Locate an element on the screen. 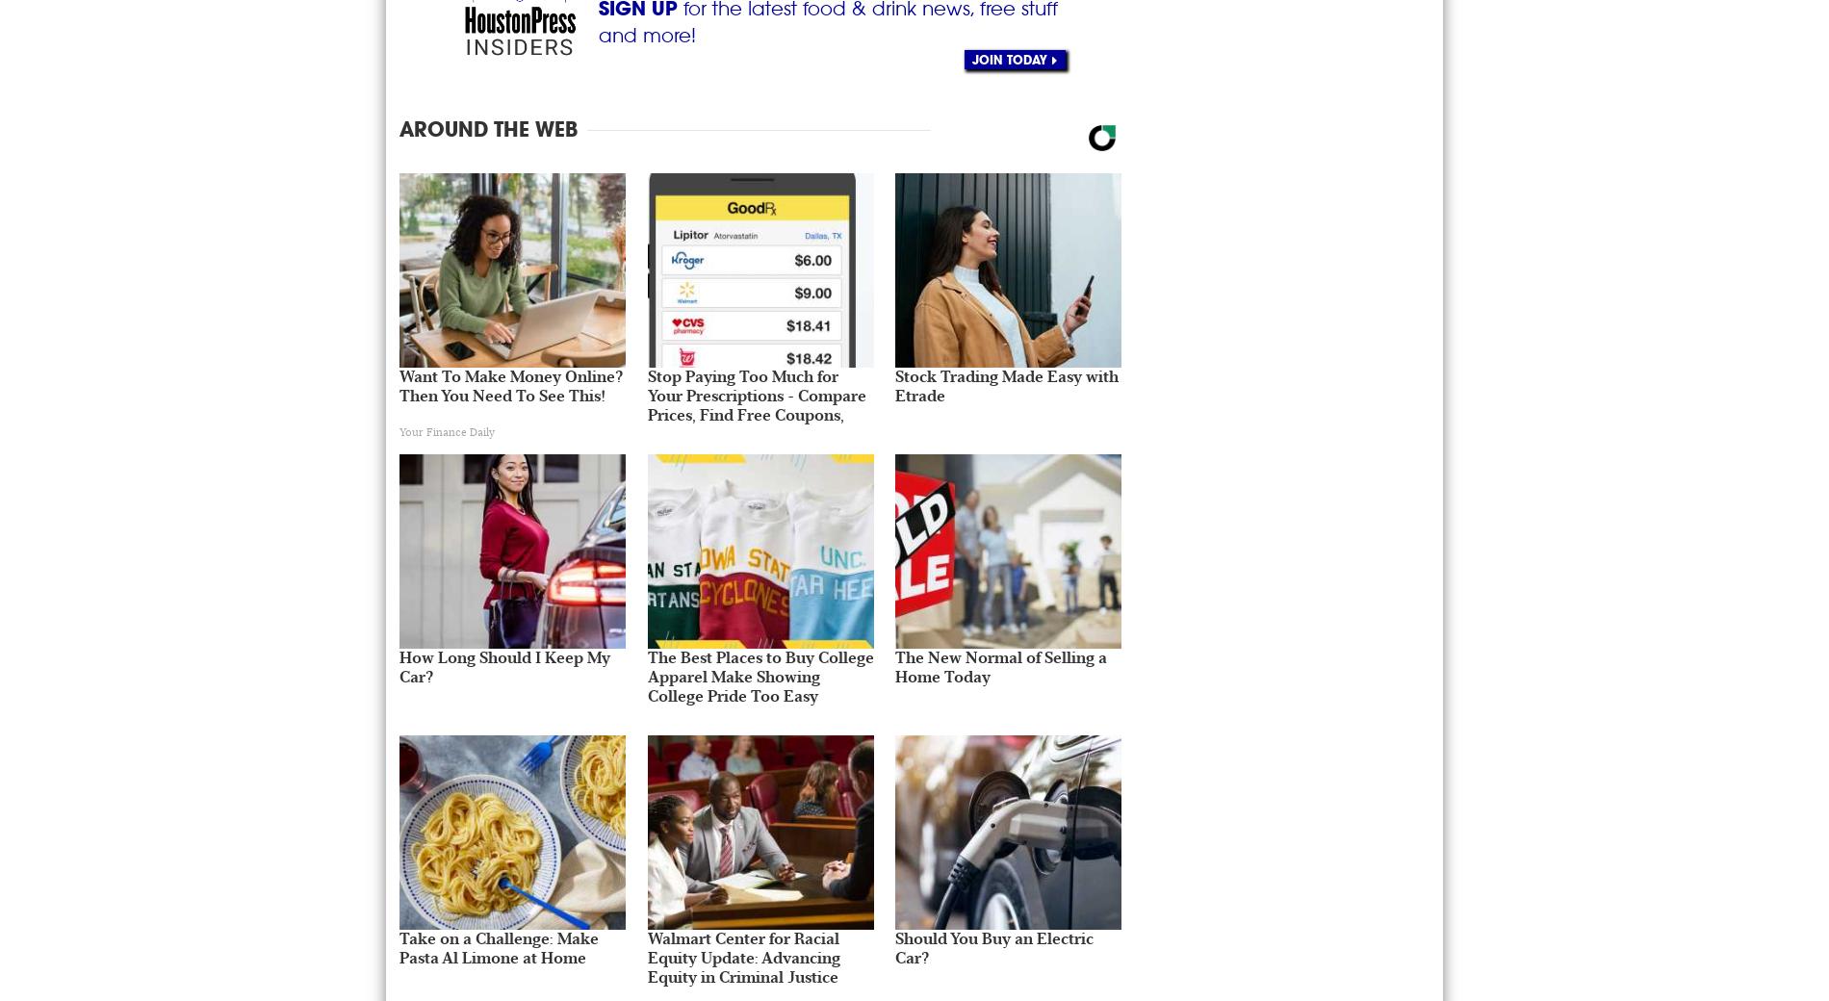  'Stop Paying Too Much for Your Prescriptions - Compare Prices, Find Free Coupons,' is located at coordinates (755, 395).